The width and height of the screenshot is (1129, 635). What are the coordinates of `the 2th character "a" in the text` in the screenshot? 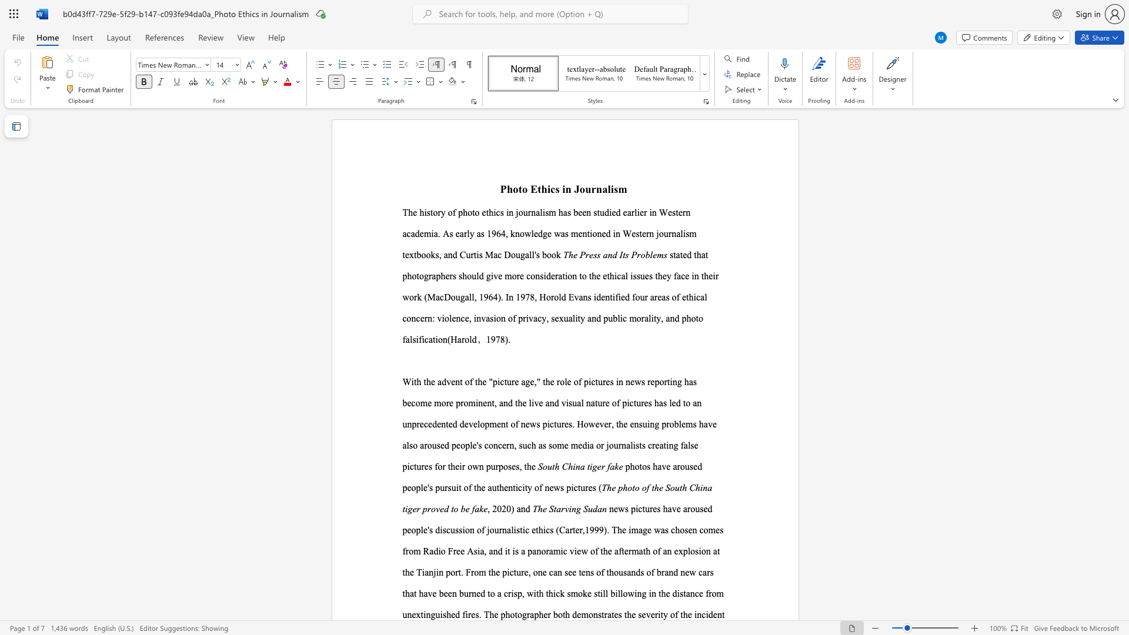 It's located at (466, 296).